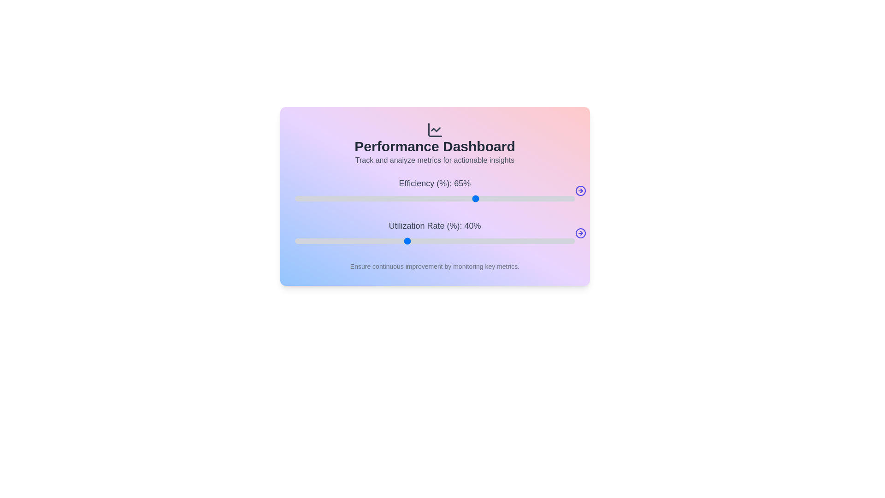 The image size is (885, 498). I want to click on the Utilization Rate slider to 81%, so click(522, 241).